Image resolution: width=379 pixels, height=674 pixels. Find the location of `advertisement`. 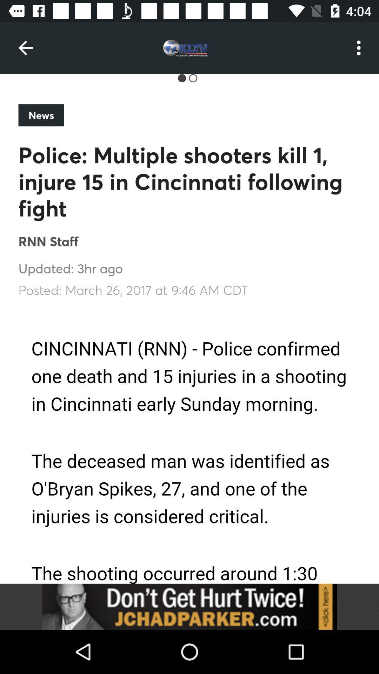

advertisement is located at coordinates (189, 606).